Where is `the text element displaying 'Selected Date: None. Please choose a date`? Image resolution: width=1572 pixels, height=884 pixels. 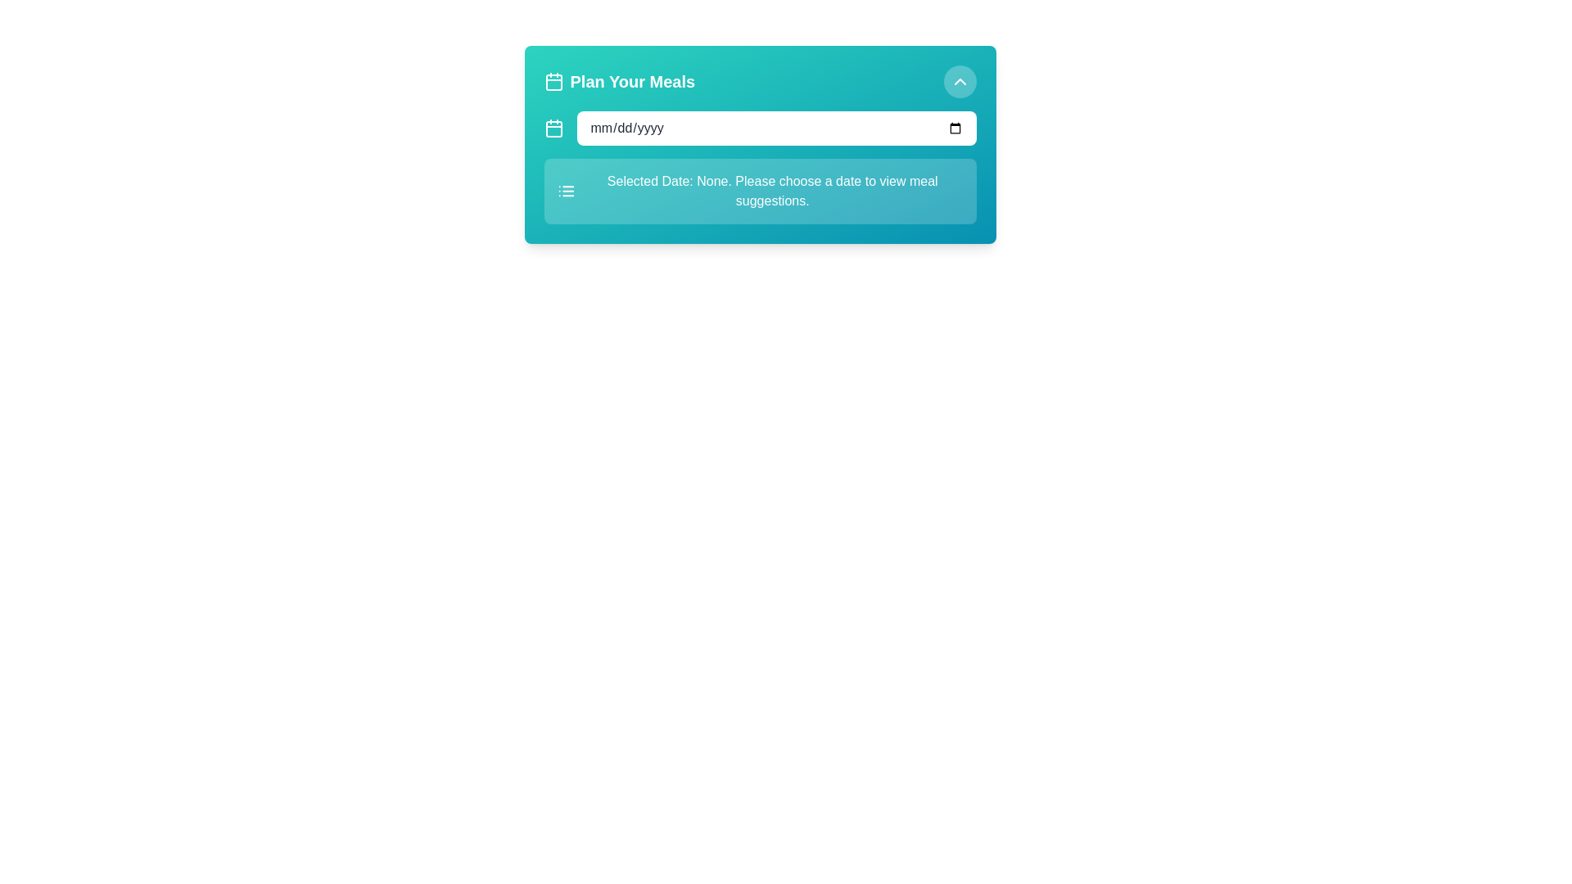
the text element displaying 'Selected Date: None. Please choose a date is located at coordinates (771, 191).